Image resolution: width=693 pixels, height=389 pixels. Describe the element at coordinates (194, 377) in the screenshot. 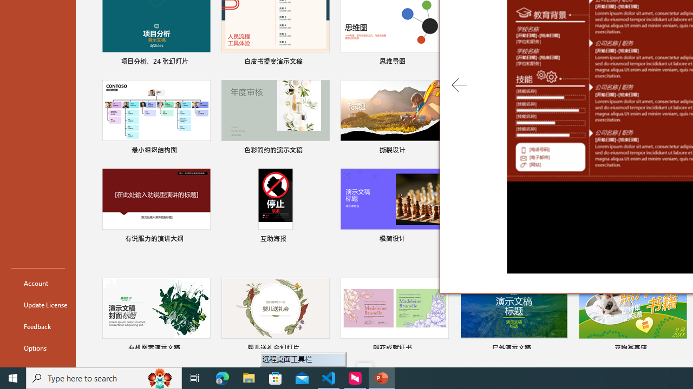

I see `'Task View'` at that location.